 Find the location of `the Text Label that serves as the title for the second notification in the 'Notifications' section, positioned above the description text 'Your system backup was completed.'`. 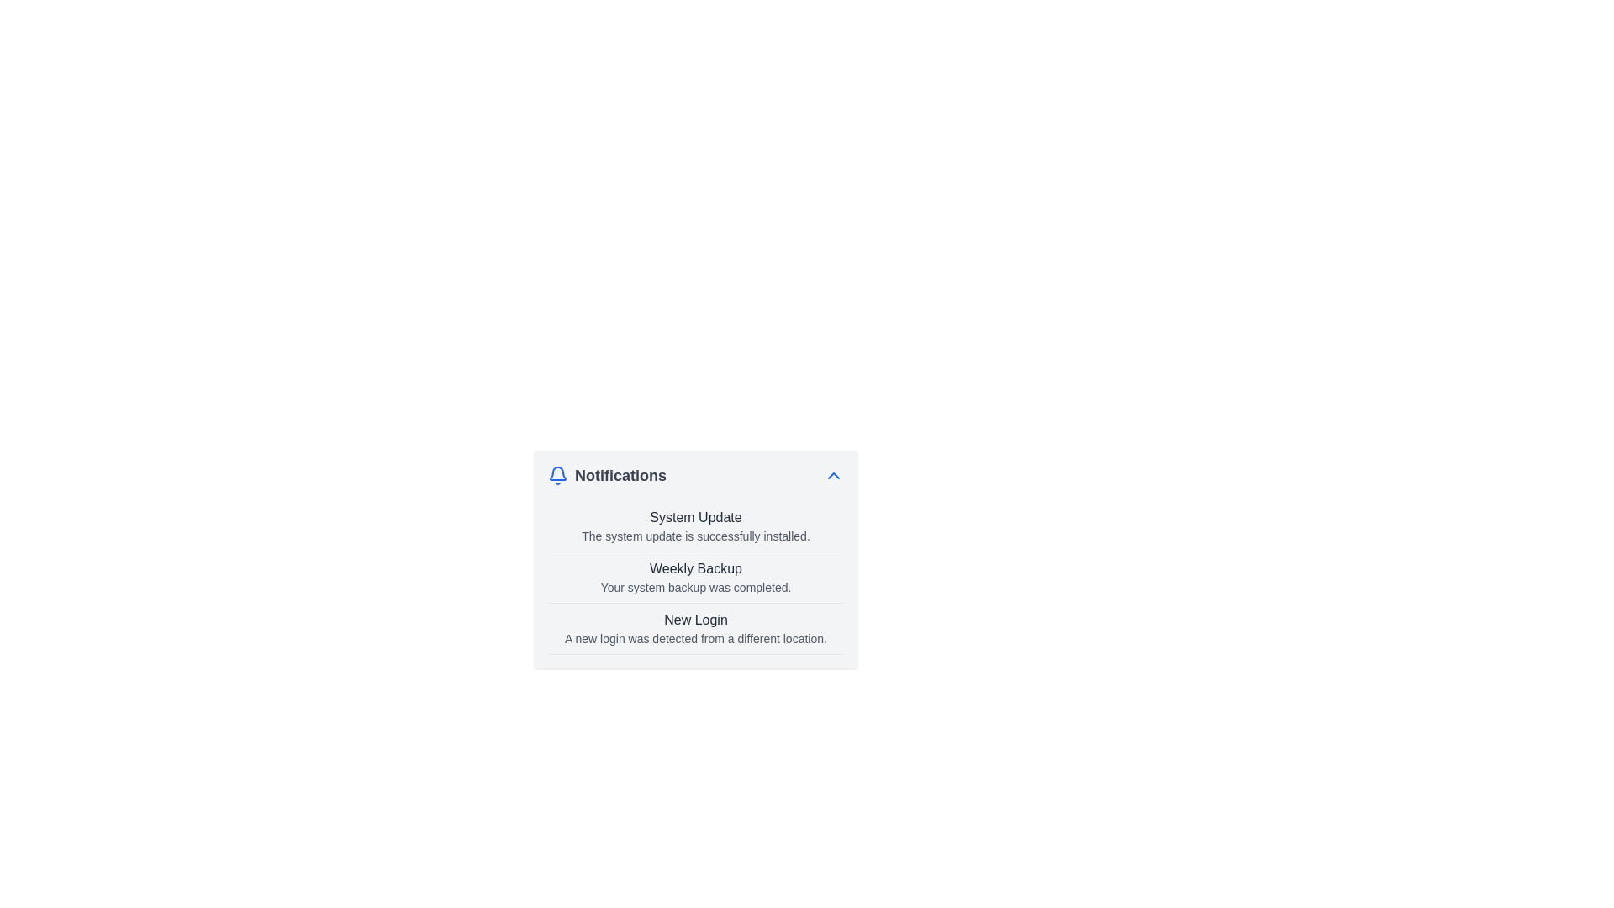

the Text Label that serves as the title for the second notification in the 'Notifications' section, positioned above the description text 'Your system backup was completed.' is located at coordinates (696, 568).